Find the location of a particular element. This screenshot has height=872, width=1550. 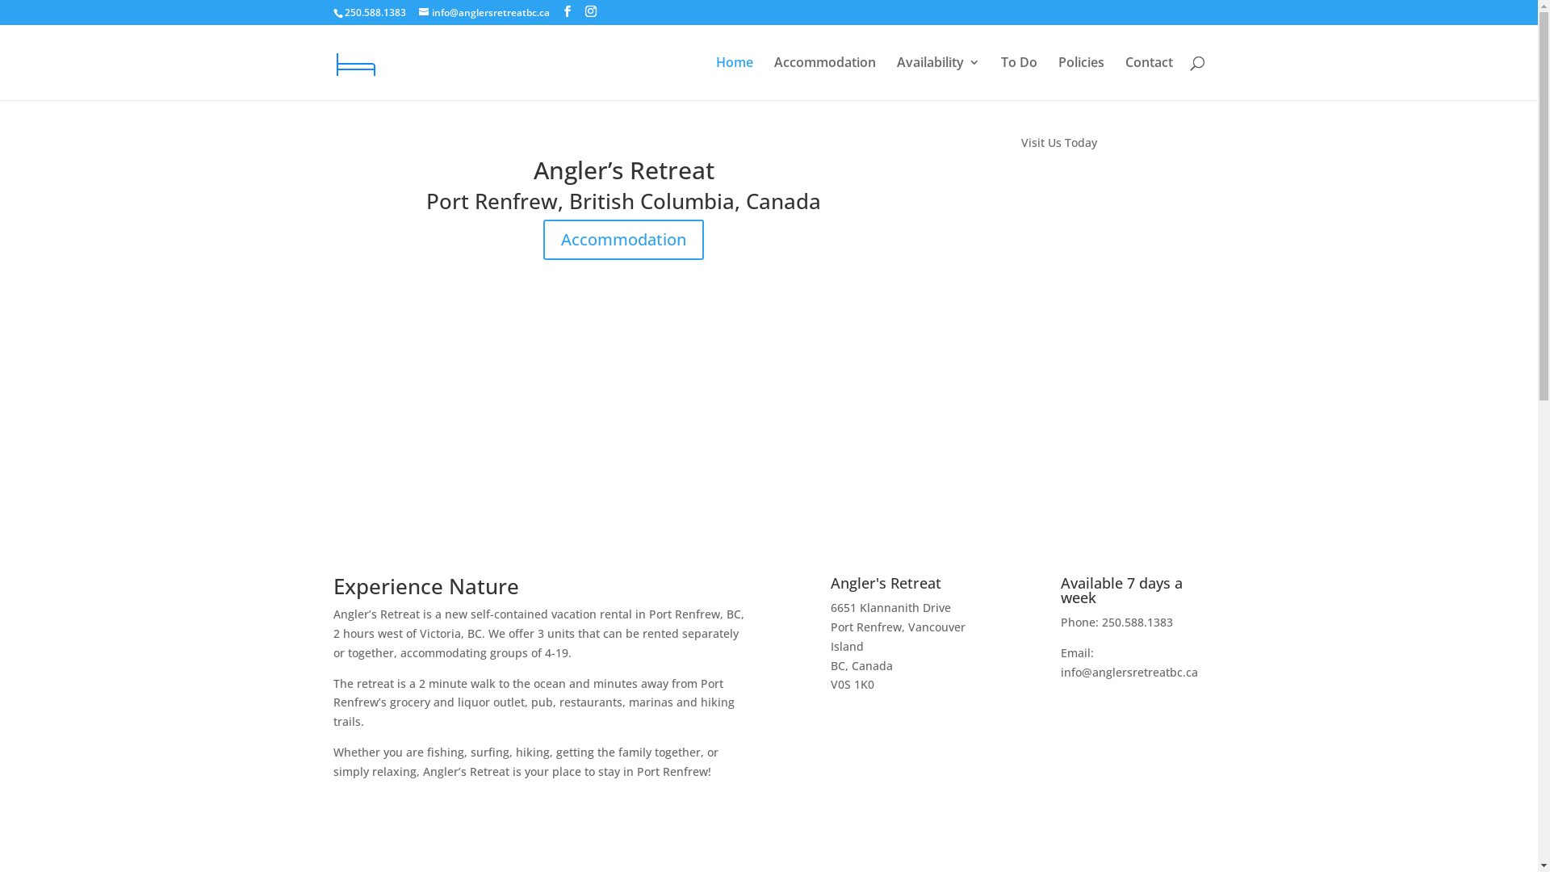

'Home' is located at coordinates (732, 78).